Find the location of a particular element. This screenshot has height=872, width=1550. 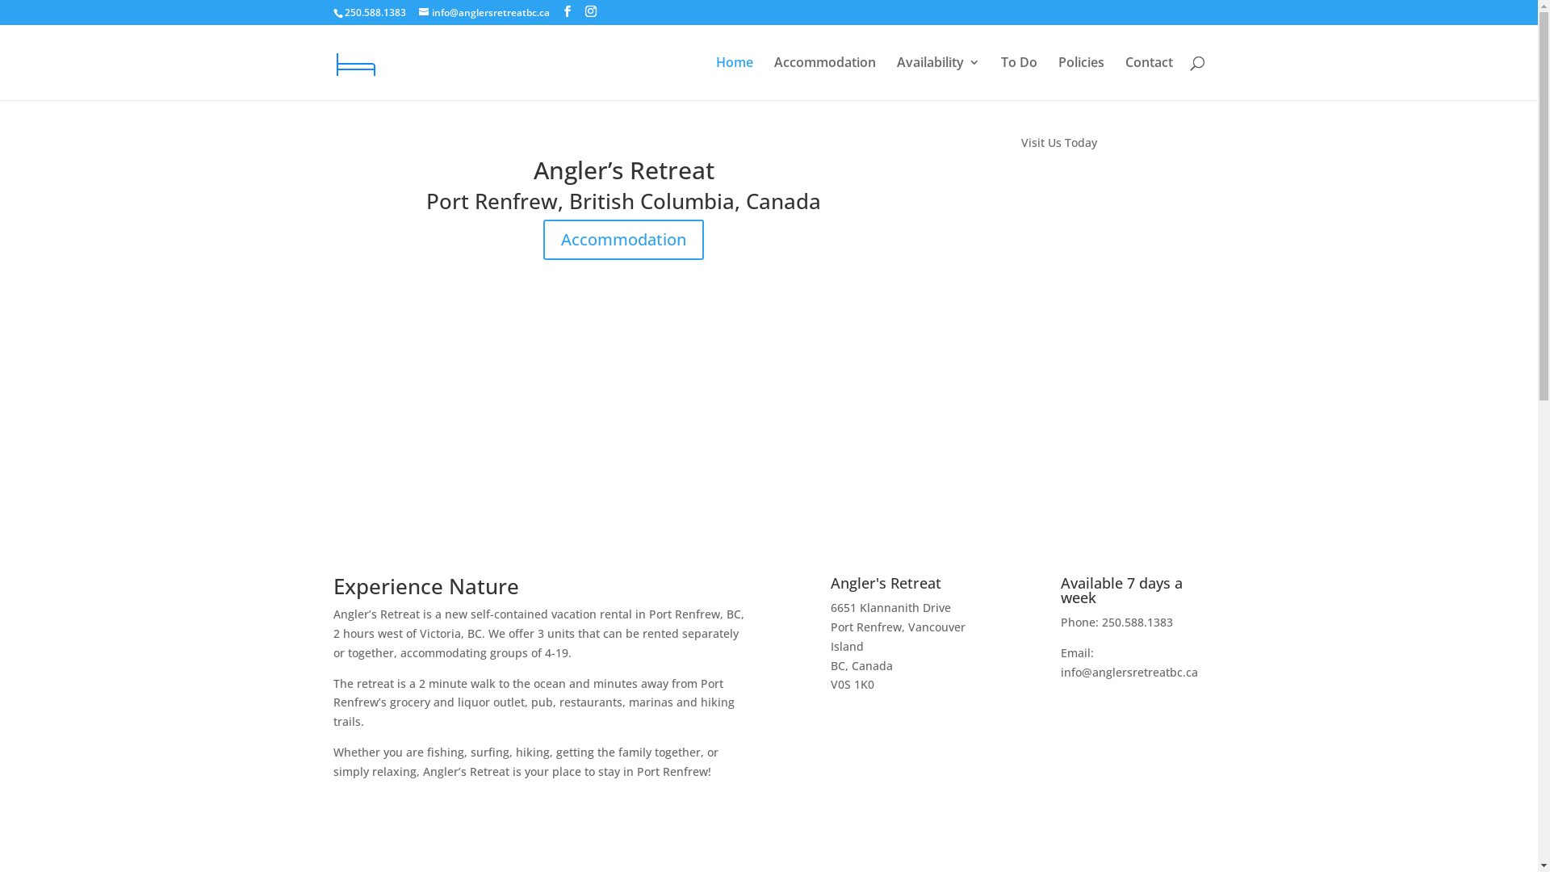

'Home' is located at coordinates (732, 78).